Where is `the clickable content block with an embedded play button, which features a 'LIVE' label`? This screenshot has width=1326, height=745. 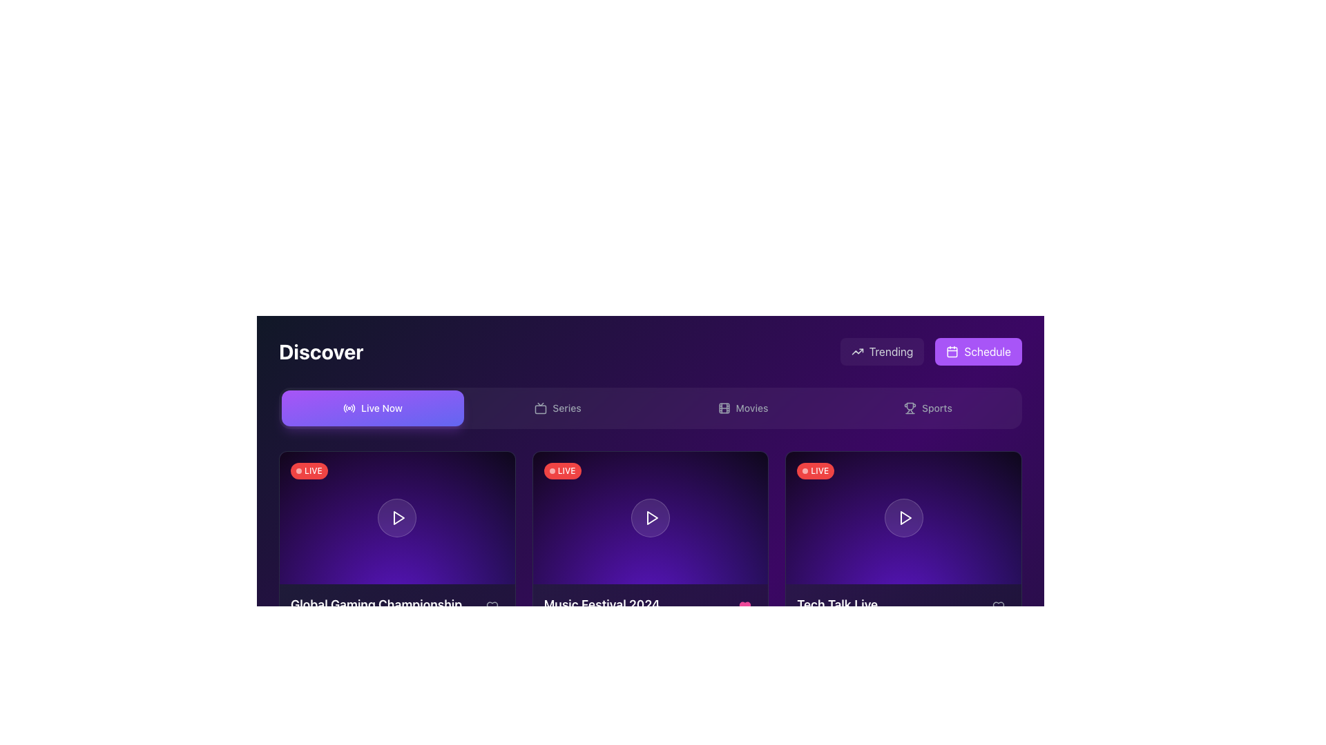
the clickable content block with an embedded play button, which features a 'LIVE' label is located at coordinates (649, 517).